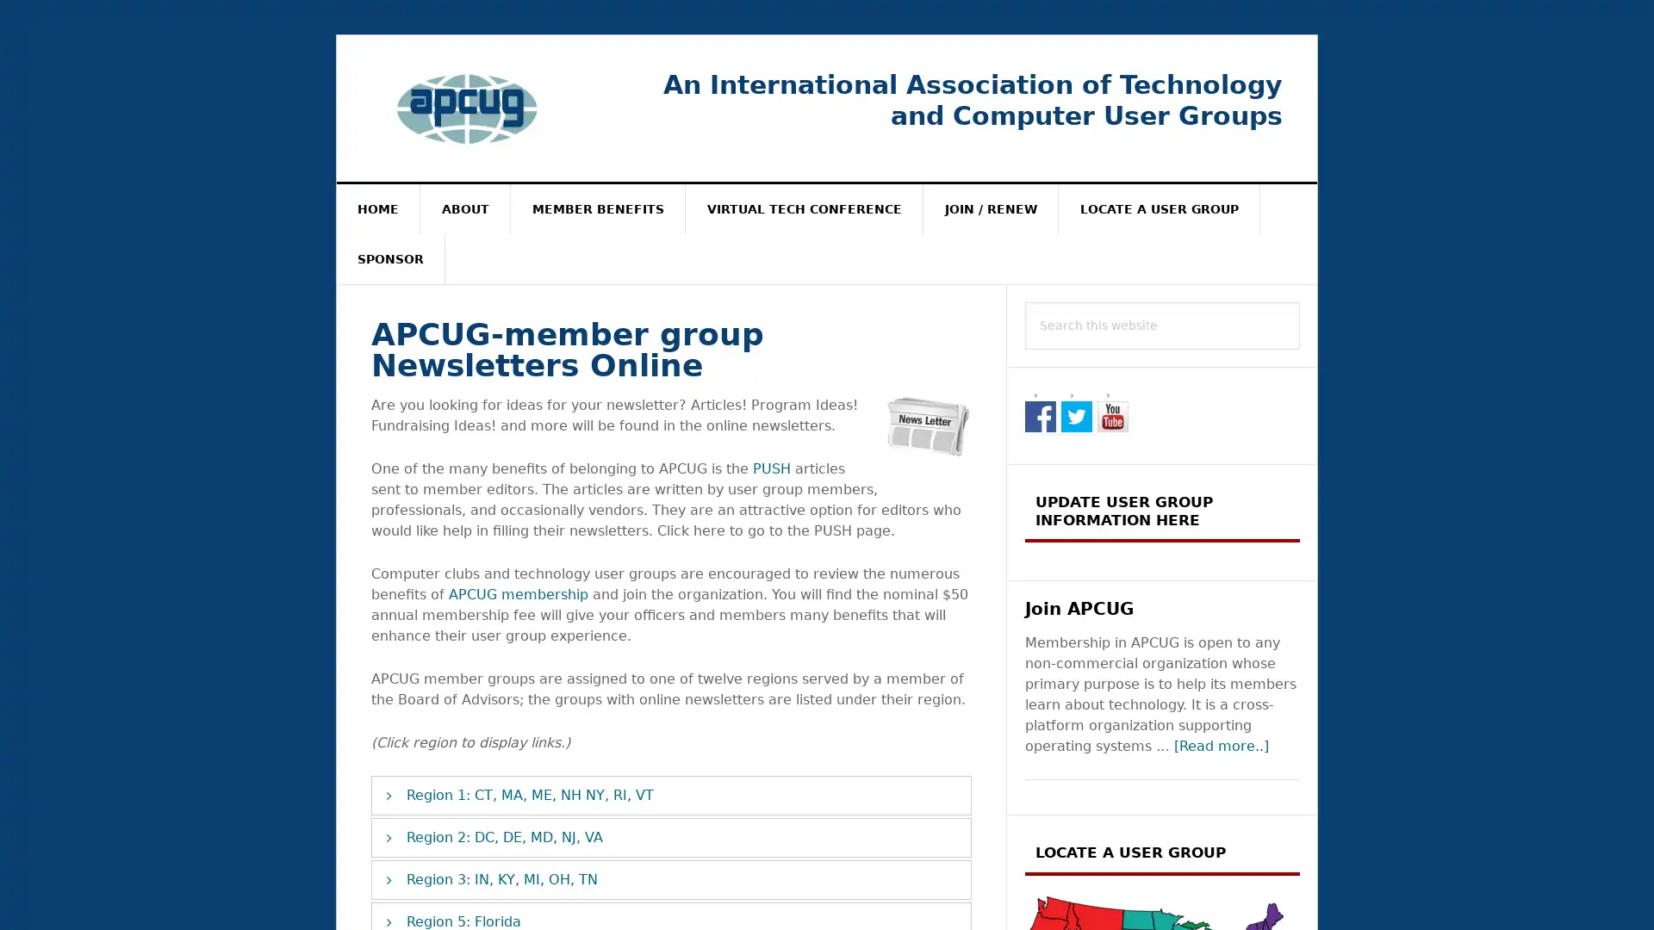 This screenshot has height=930, width=1654. Describe the element at coordinates (1300, 301) in the screenshot. I see `Search` at that location.